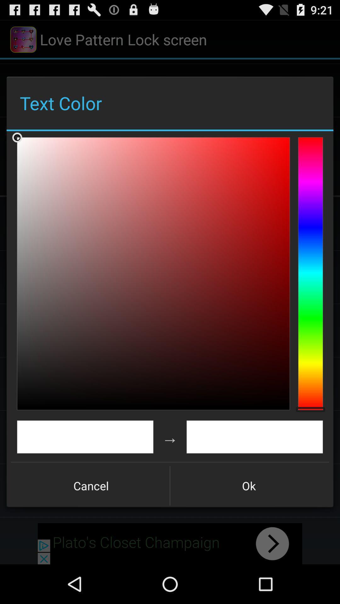 This screenshot has width=340, height=604. What do you see at coordinates (91, 485) in the screenshot?
I see `cancel item` at bounding box center [91, 485].